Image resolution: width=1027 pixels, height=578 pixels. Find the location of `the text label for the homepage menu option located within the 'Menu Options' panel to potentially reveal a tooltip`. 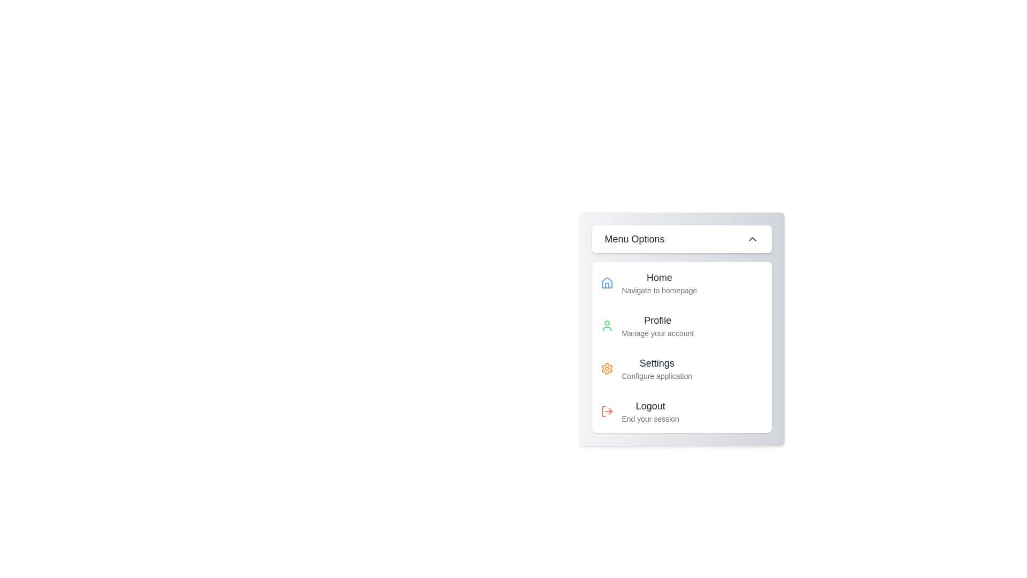

the text label for the homepage menu option located within the 'Menu Options' panel to potentially reveal a tooltip is located at coordinates (659, 282).